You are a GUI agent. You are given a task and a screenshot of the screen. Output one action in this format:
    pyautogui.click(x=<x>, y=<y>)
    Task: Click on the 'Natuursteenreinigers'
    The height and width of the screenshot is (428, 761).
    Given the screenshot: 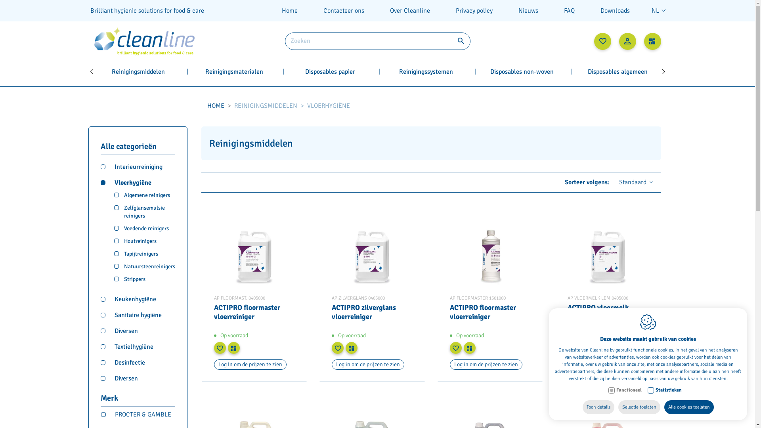 What is the action you would take?
    pyautogui.click(x=144, y=264)
    